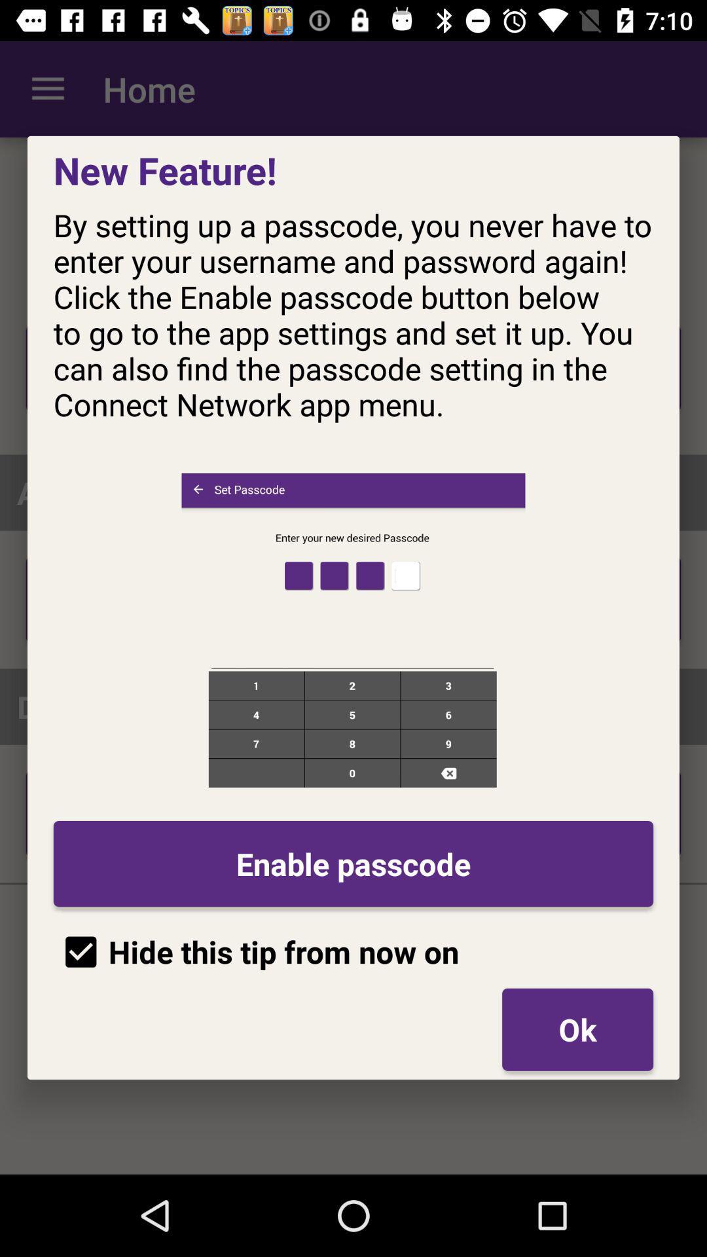 This screenshot has width=707, height=1257. I want to click on ok icon, so click(577, 1029).